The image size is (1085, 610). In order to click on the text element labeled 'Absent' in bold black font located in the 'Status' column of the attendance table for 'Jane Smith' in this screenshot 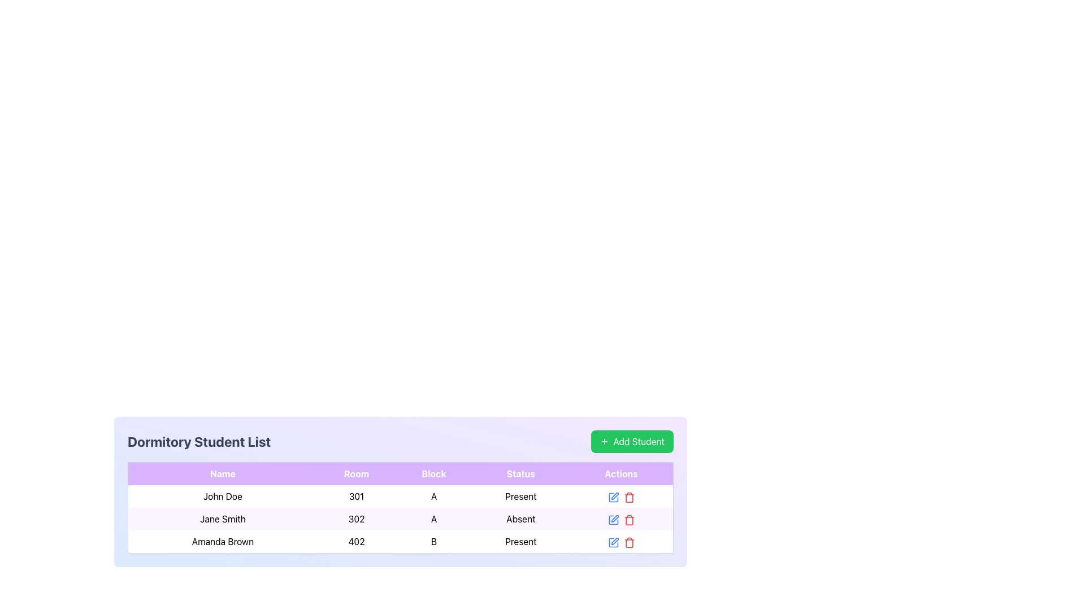, I will do `click(520, 518)`.